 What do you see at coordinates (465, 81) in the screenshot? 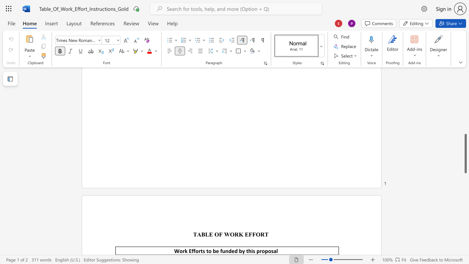
I see `the page's right scrollbar for upward movement` at bounding box center [465, 81].